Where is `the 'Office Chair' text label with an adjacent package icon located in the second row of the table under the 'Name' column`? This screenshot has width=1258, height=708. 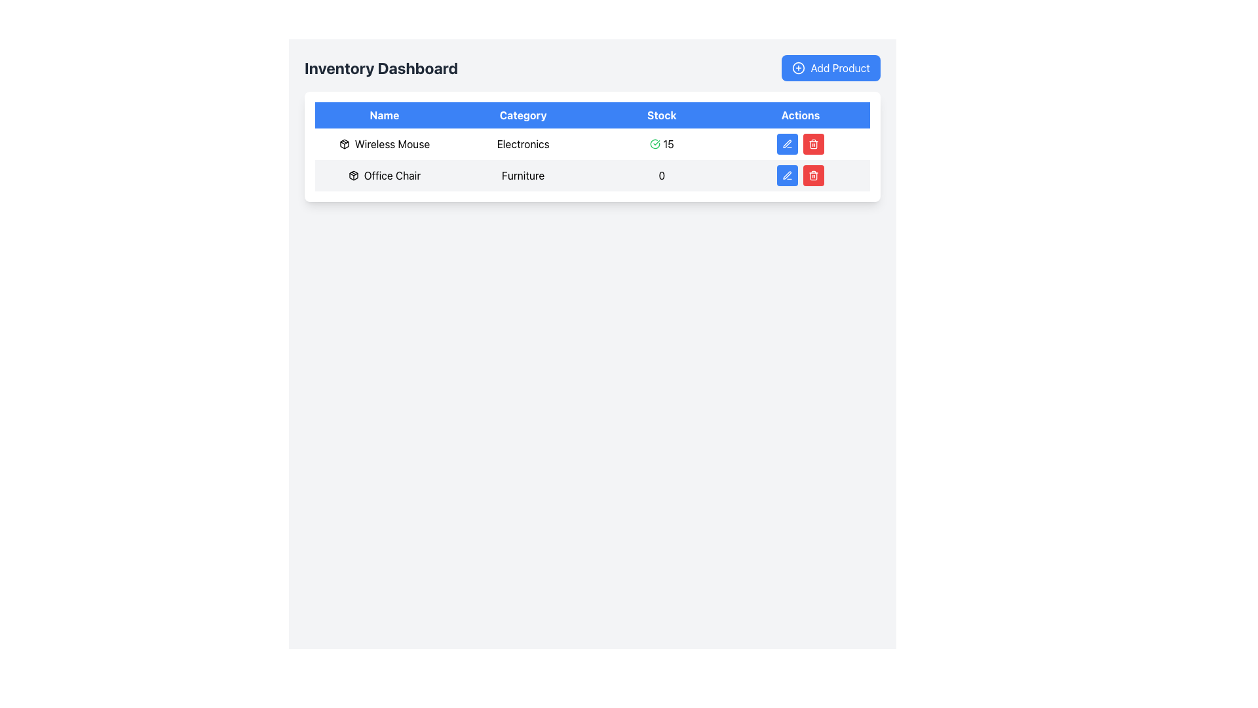 the 'Office Chair' text label with an adjacent package icon located in the second row of the table under the 'Name' column is located at coordinates (383, 174).